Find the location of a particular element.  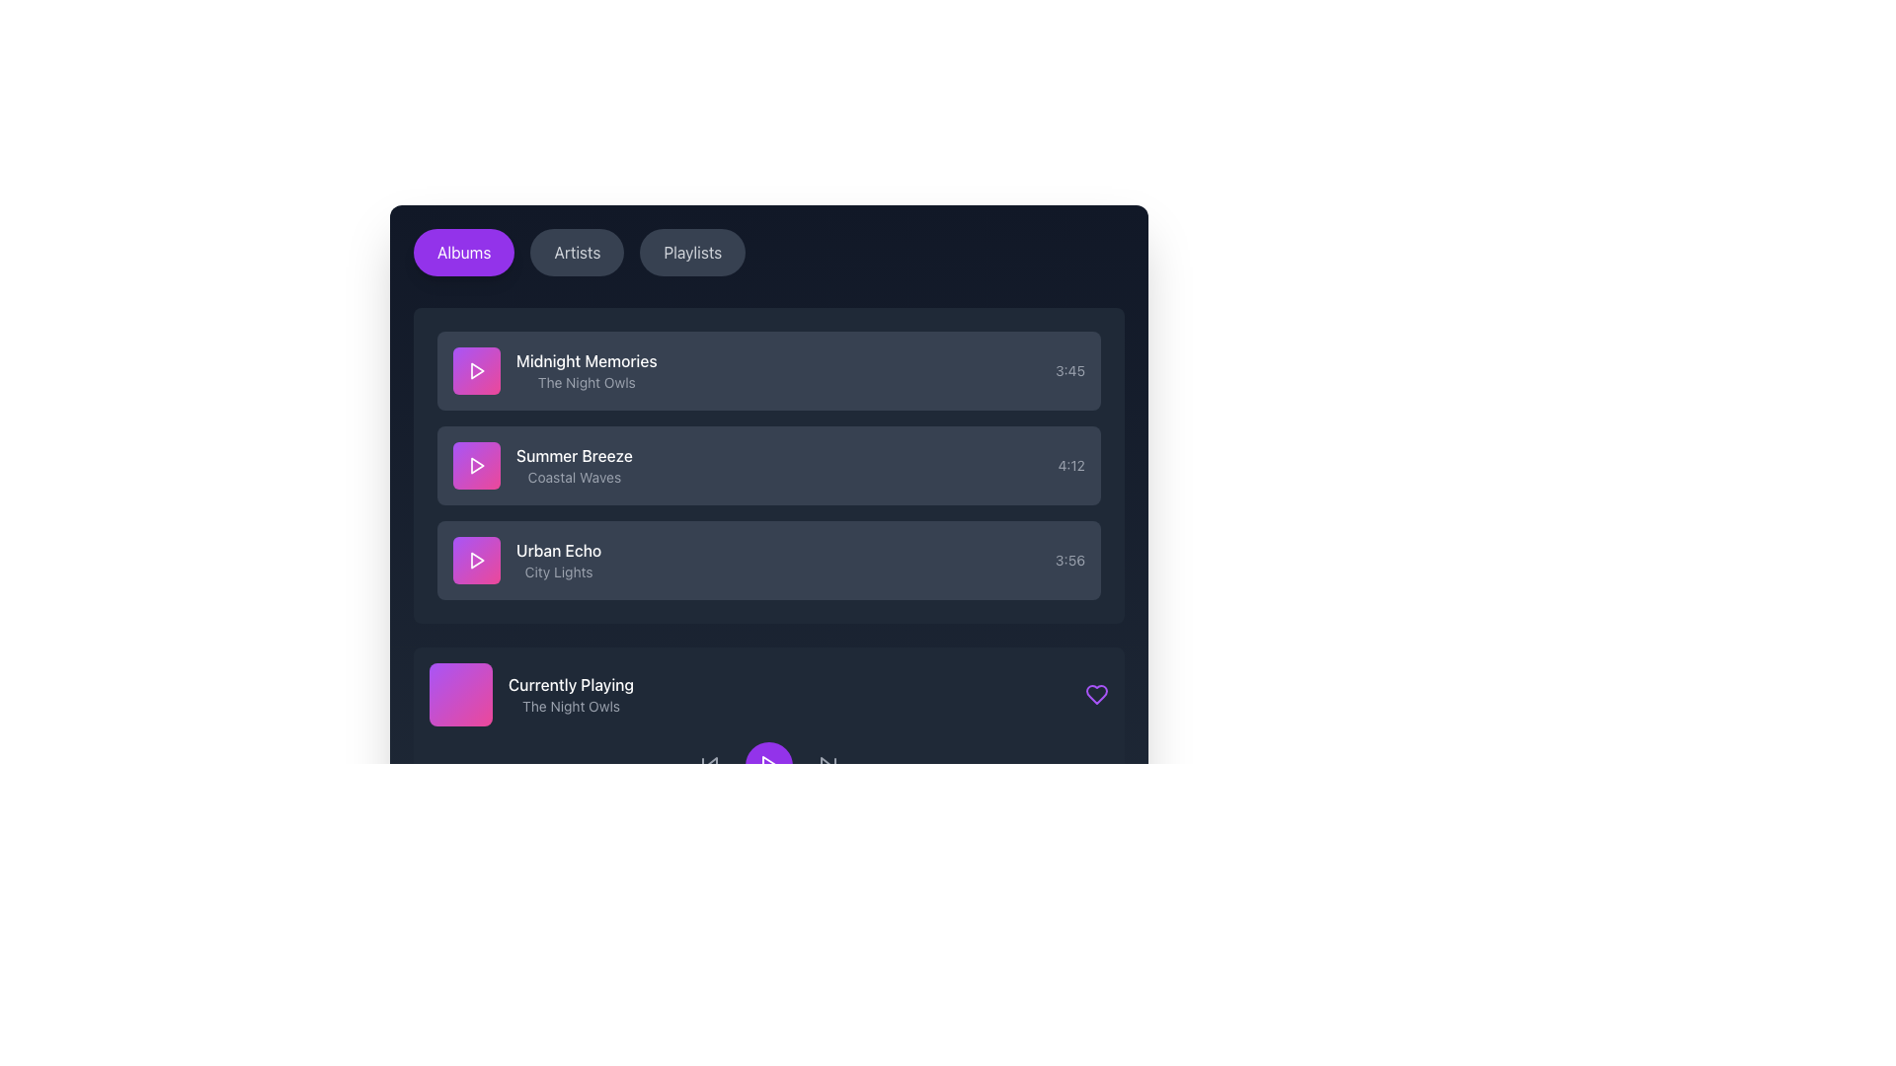

the second list item representing a music track in the scrollable block is located at coordinates (767, 465).